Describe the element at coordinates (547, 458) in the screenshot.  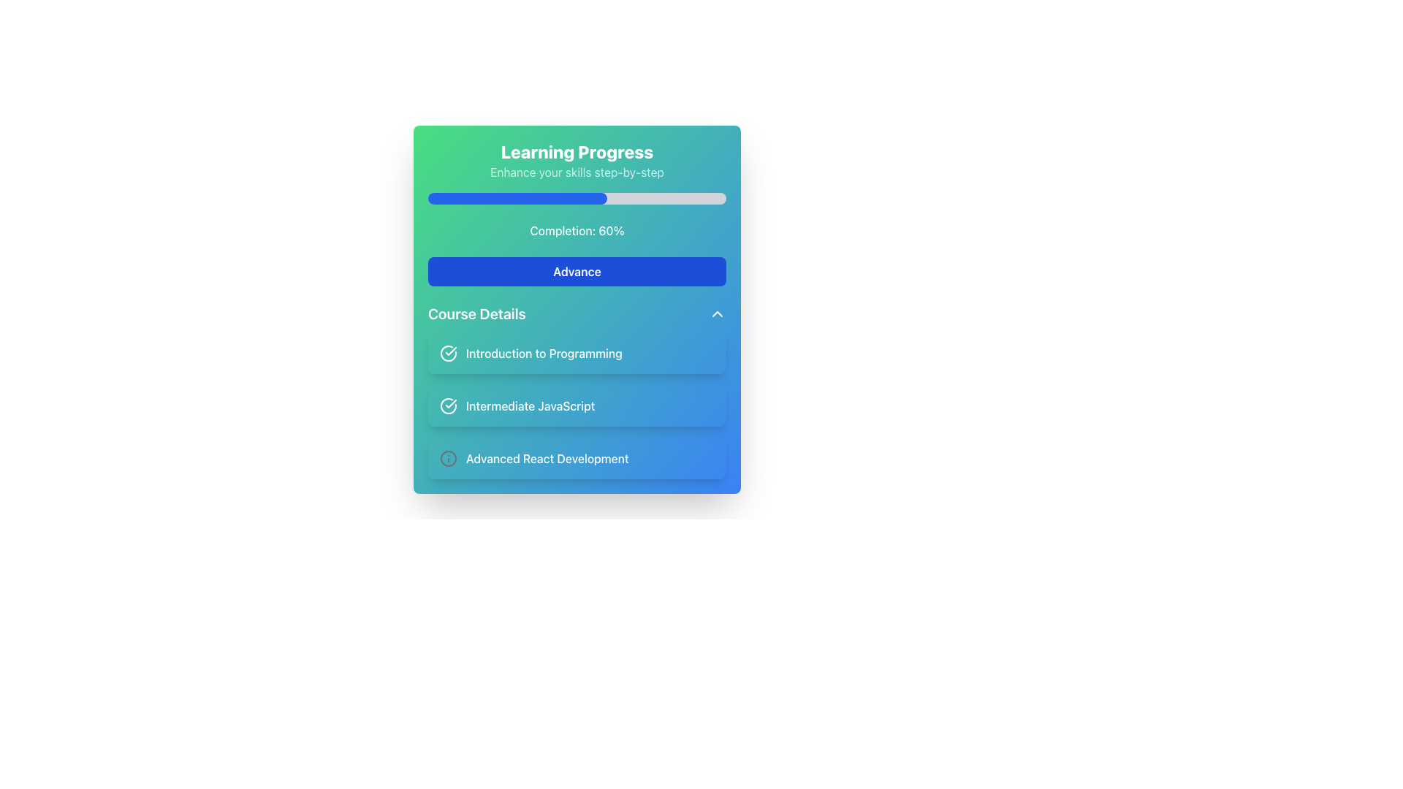
I see `the 'Advanced React Development' text label, which is displayed in a white font on a blue background, located in the 'Course Details' section next to a small information icon` at that location.